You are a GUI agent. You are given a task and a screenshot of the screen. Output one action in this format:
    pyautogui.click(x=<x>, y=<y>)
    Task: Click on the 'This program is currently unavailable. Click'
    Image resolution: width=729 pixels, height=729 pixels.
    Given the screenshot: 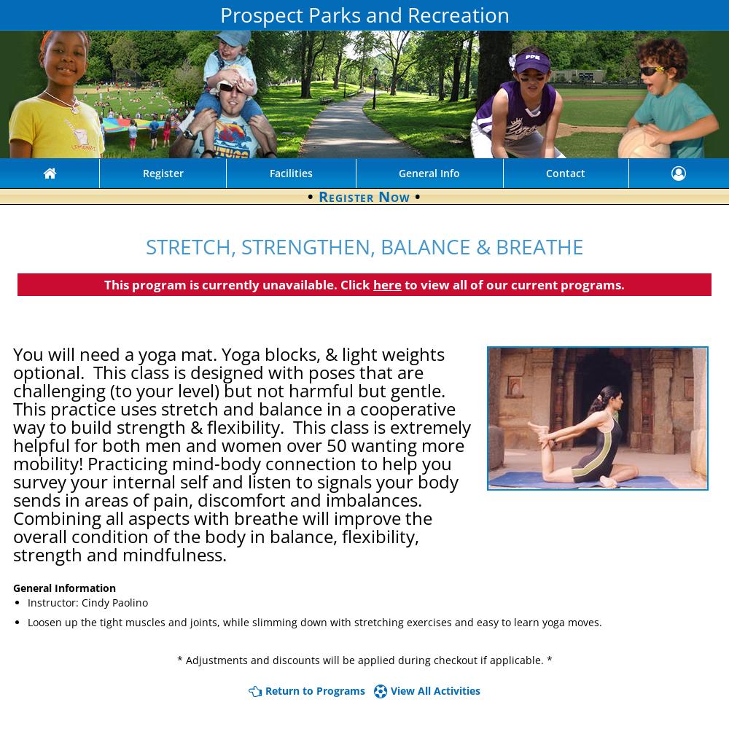 What is the action you would take?
    pyautogui.click(x=238, y=284)
    